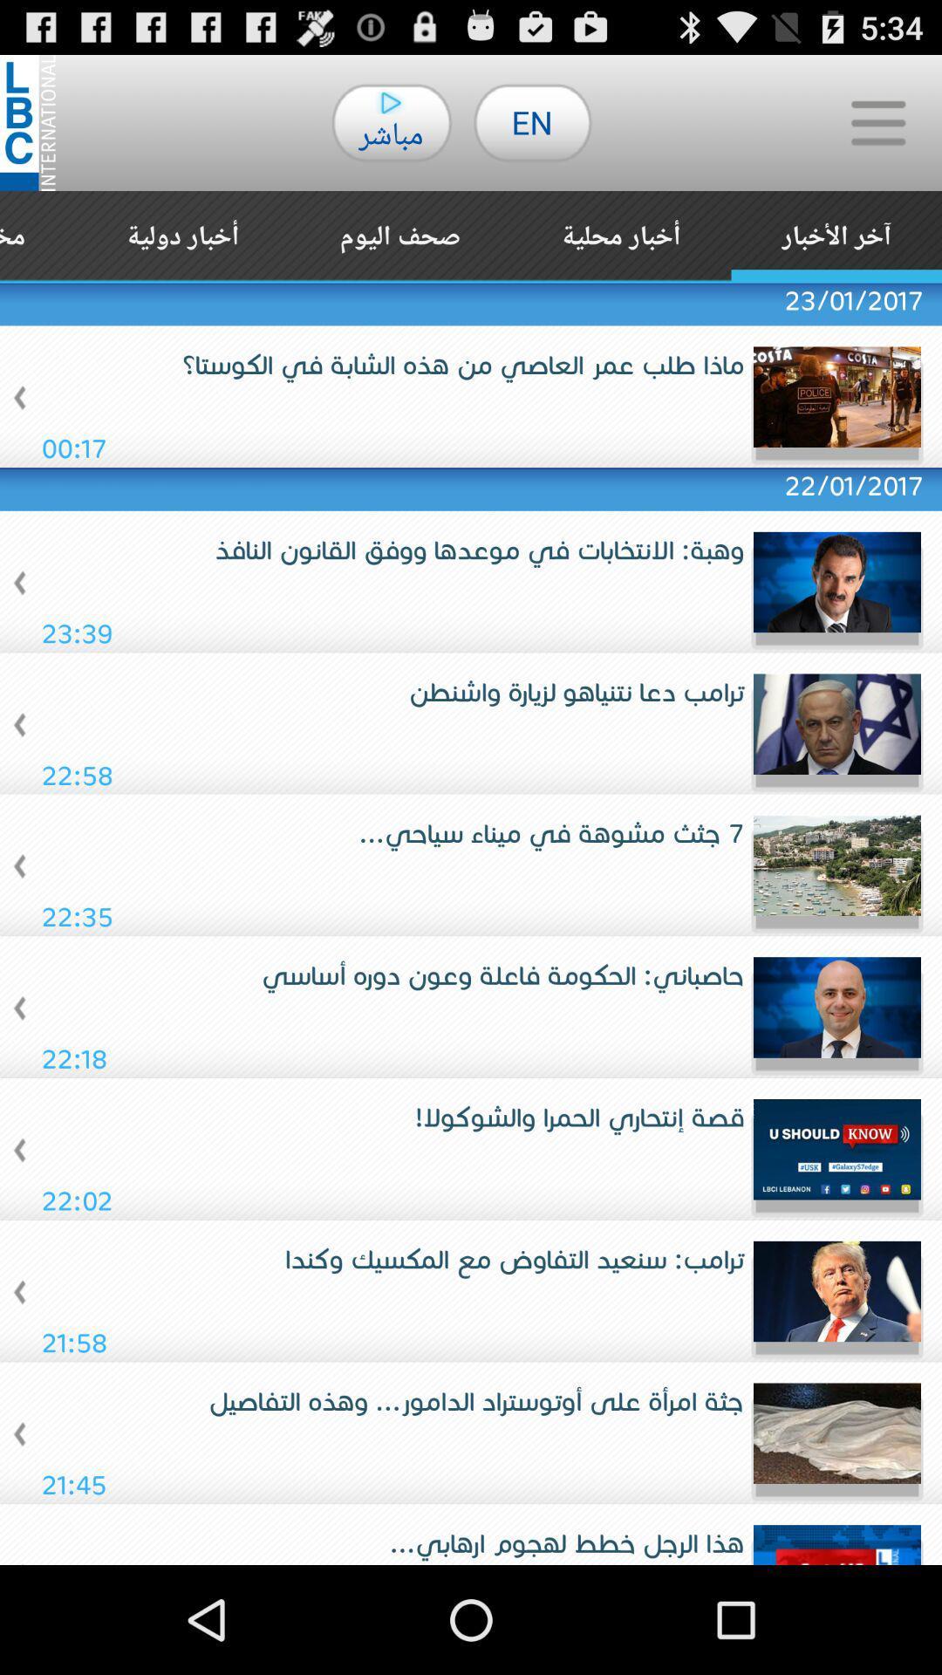 This screenshot has height=1675, width=942. I want to click on the button next to en button, so click(877, 121).